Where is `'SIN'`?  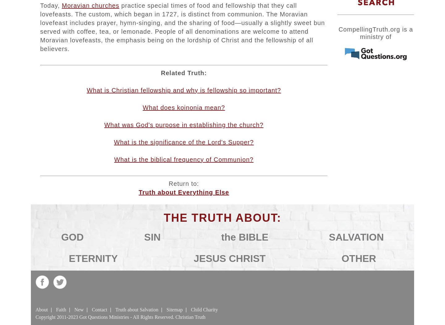 'SIN' is located at coordinates (144, 237).